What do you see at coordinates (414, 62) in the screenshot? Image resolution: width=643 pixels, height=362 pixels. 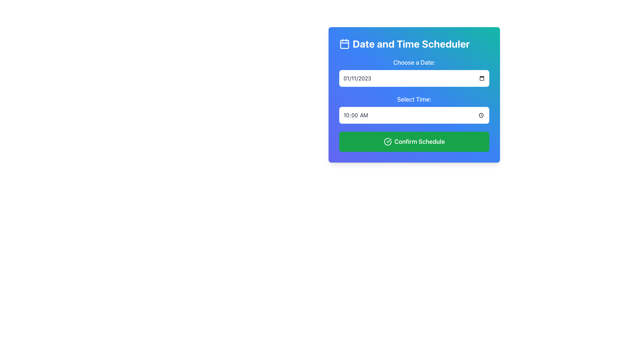 I see `the text label that reads 'Choose a Date:' which is located at the top of the 'Date and Time Scheduler' UI section, above the date input field` at bounding box center [414, 62].